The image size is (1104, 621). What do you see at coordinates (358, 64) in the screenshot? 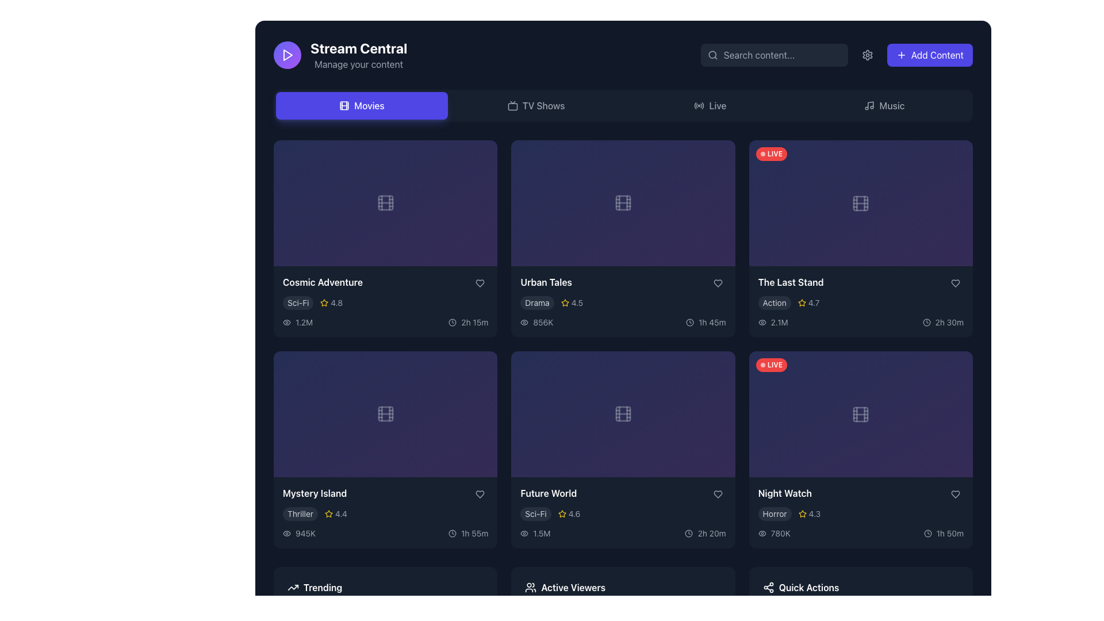
I see `the text label that states 'Manage your content', which is styled in gray and positioned below the 'Stream Central' heading` at bounding box center [358, 64].